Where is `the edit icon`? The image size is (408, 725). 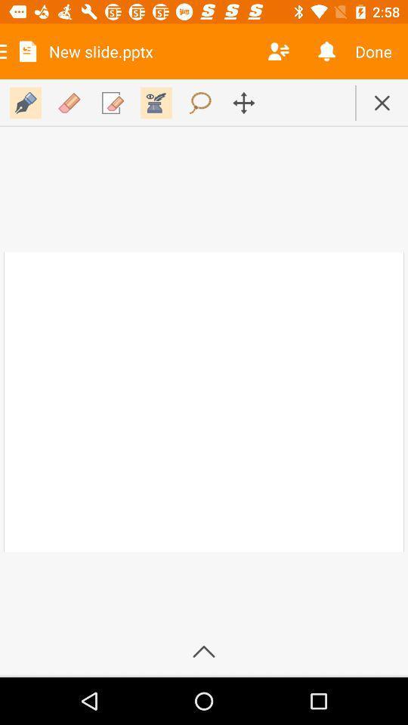 the edit icon is located at coordinates (25, 102).